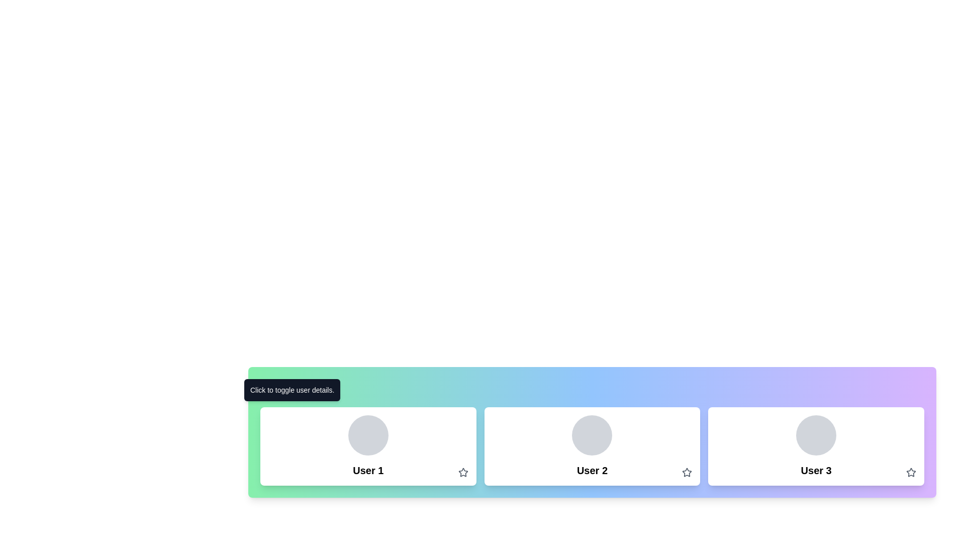  Describe the element at coordinates (292, 389) in the screenshot. I see `the tooltip-style informational box with a dark gray background and white text that reads 'Click to toggle user details.'` at that location.